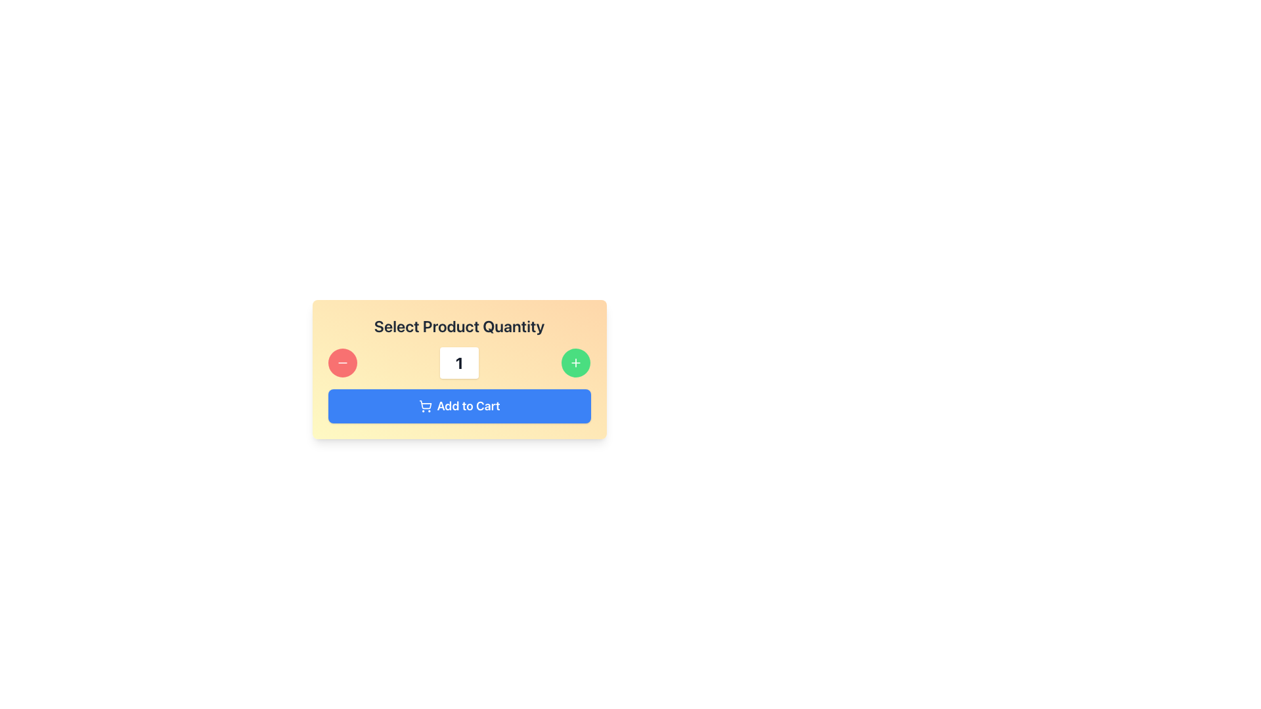 Image resolution: width=1261 pixels, height=709 pixels. What do you see at coordinates (459, 326) in the screenshot?
I see `the prominent text label reading 'Select Product Quantity' located at the top-center of the panel` at bounding box center [459, 326].